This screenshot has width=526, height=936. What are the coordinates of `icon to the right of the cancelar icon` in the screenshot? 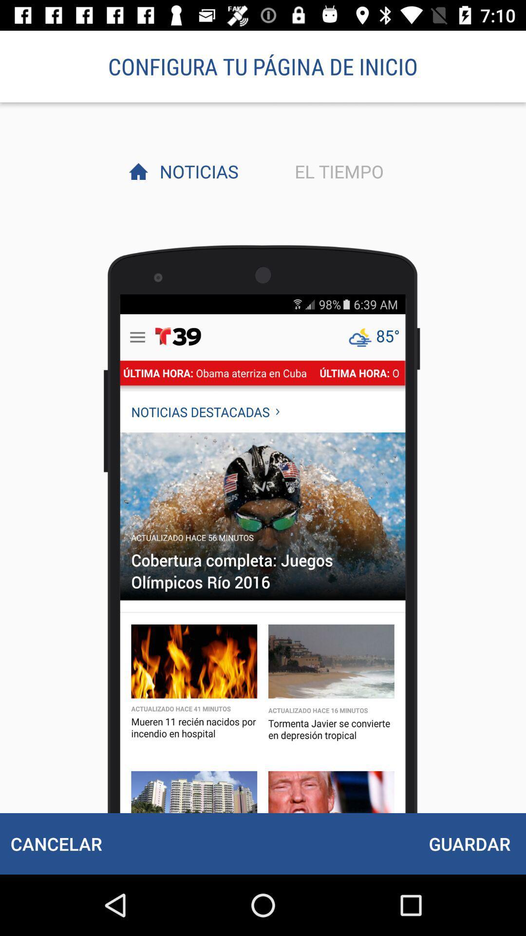 It's located at (469, 843).